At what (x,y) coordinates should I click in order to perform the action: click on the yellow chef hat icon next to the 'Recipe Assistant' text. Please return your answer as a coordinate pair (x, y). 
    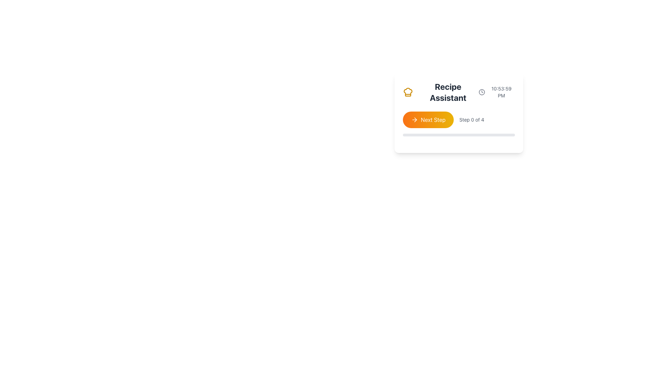
    Looking at the image, I should click on (408, 92).